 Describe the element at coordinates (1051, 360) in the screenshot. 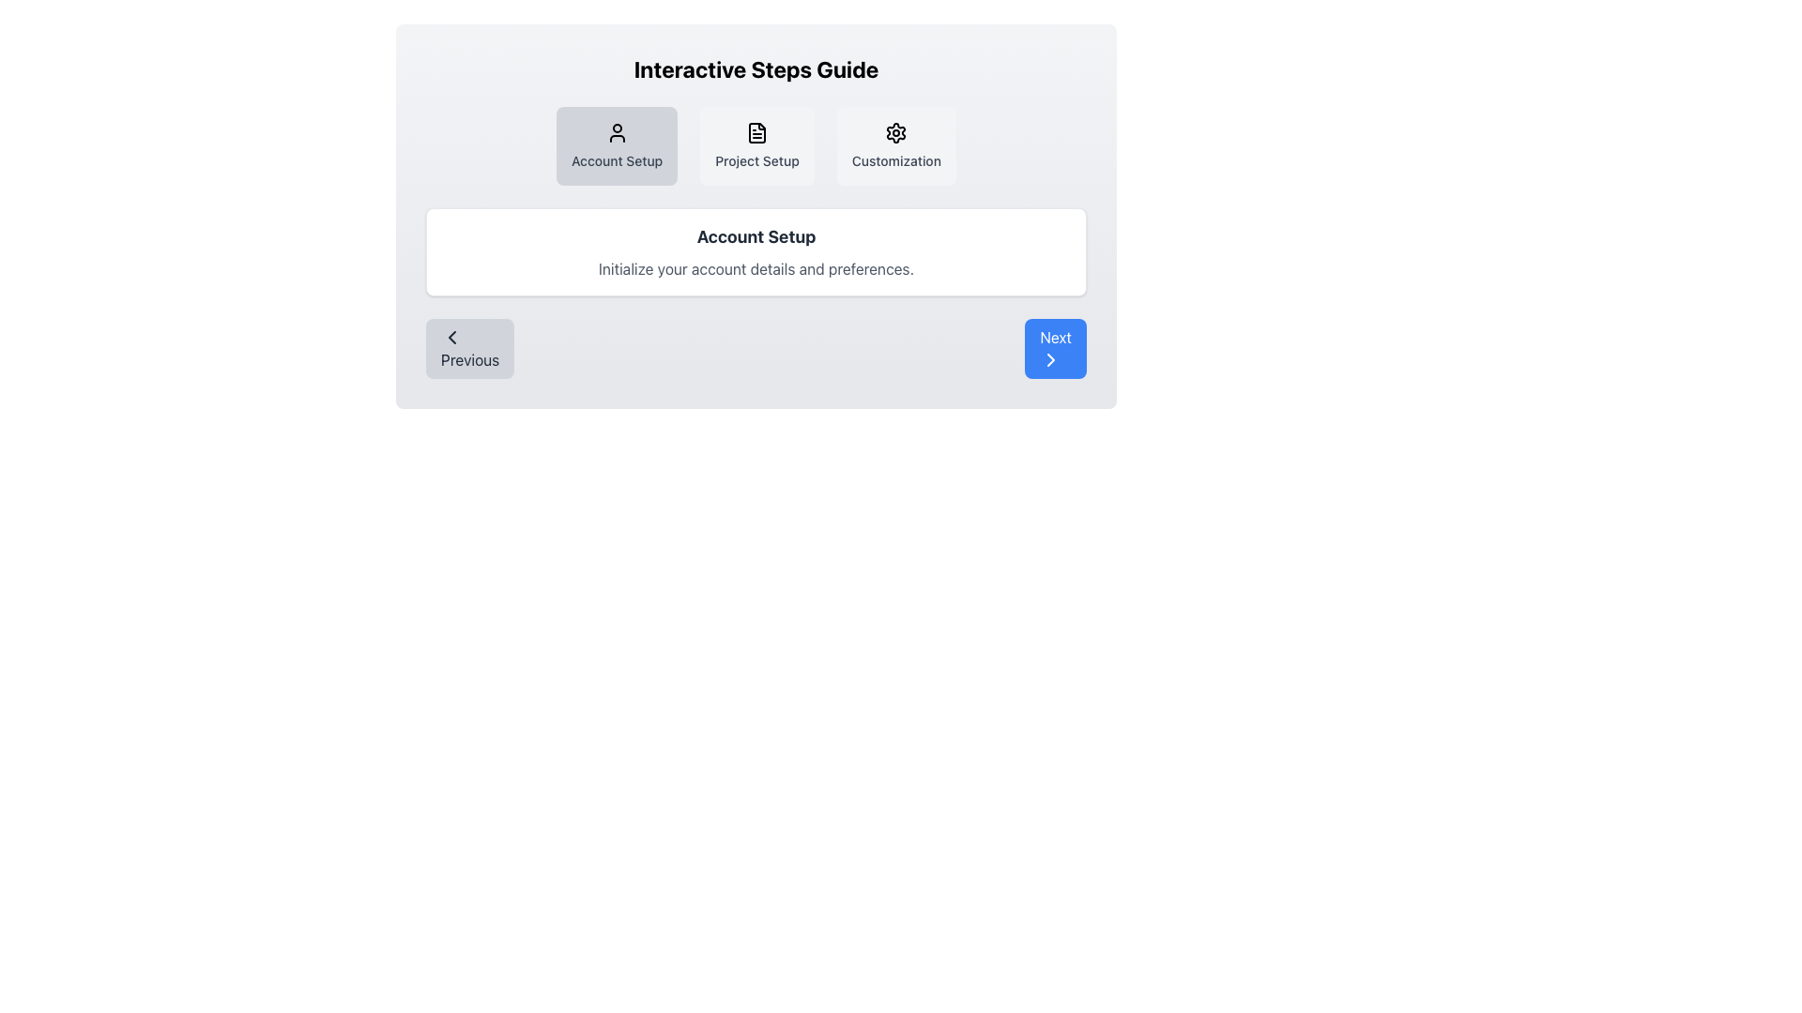

I see `the chevron icon inside the blue rectangular 'Next' button located at the bottom-right of the interface` at that location.